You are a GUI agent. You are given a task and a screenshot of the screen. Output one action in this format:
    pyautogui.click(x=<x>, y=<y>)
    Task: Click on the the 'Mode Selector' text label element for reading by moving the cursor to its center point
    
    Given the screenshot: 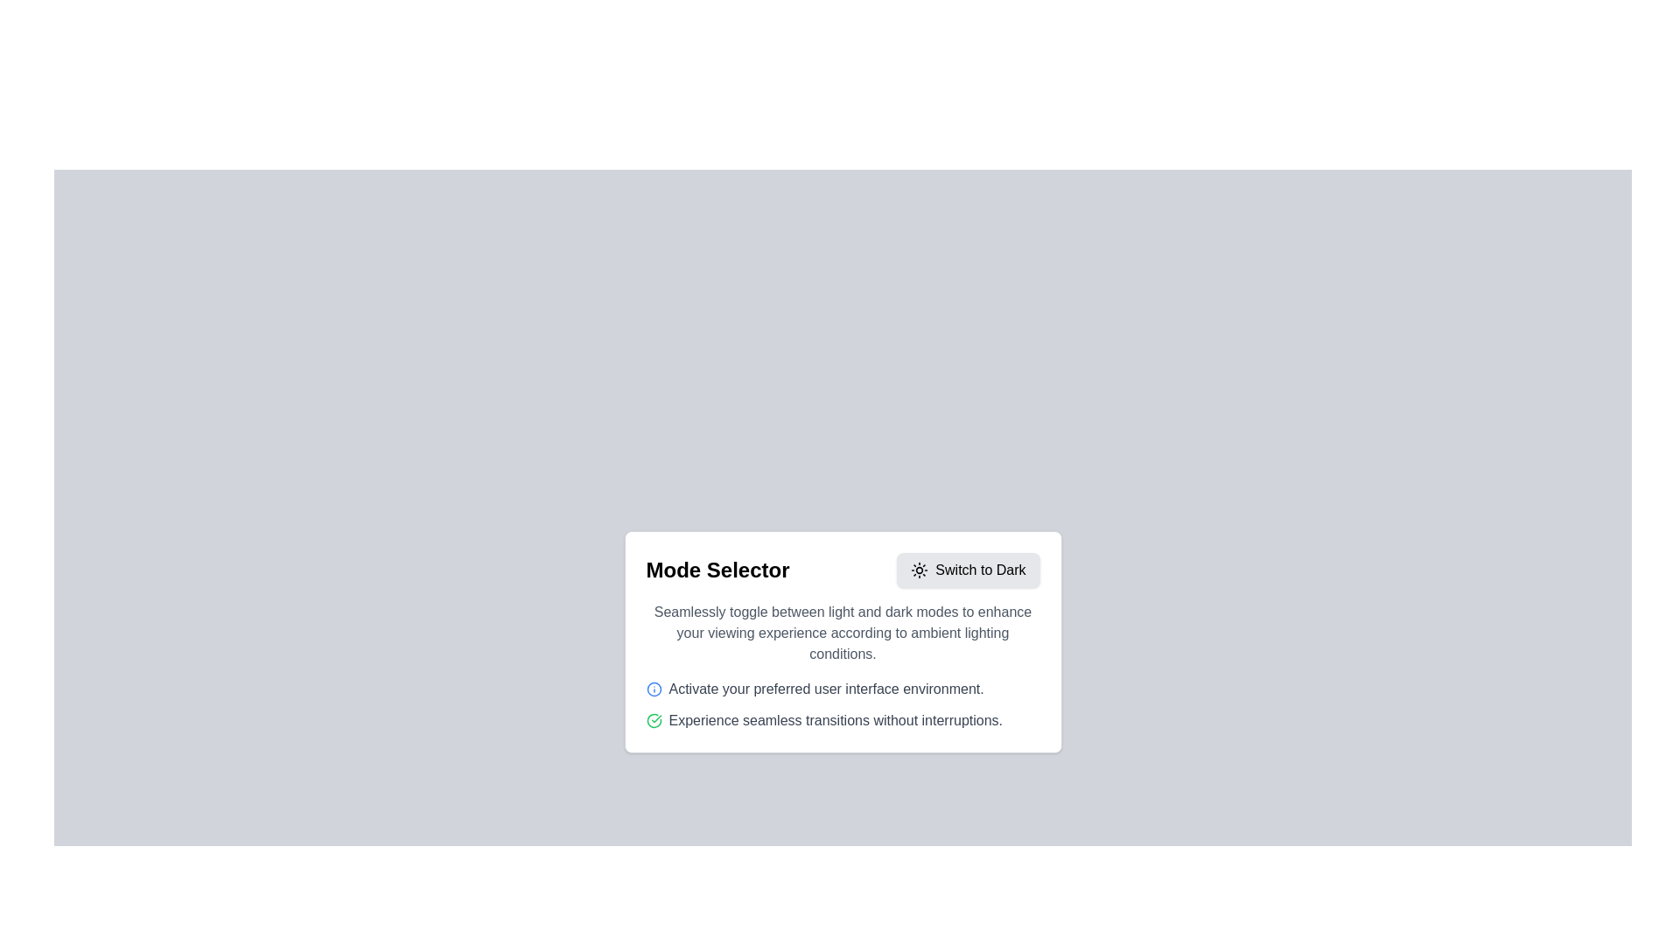 What is the action you would take?
    pyautogui.click(x=717, y=570)
    